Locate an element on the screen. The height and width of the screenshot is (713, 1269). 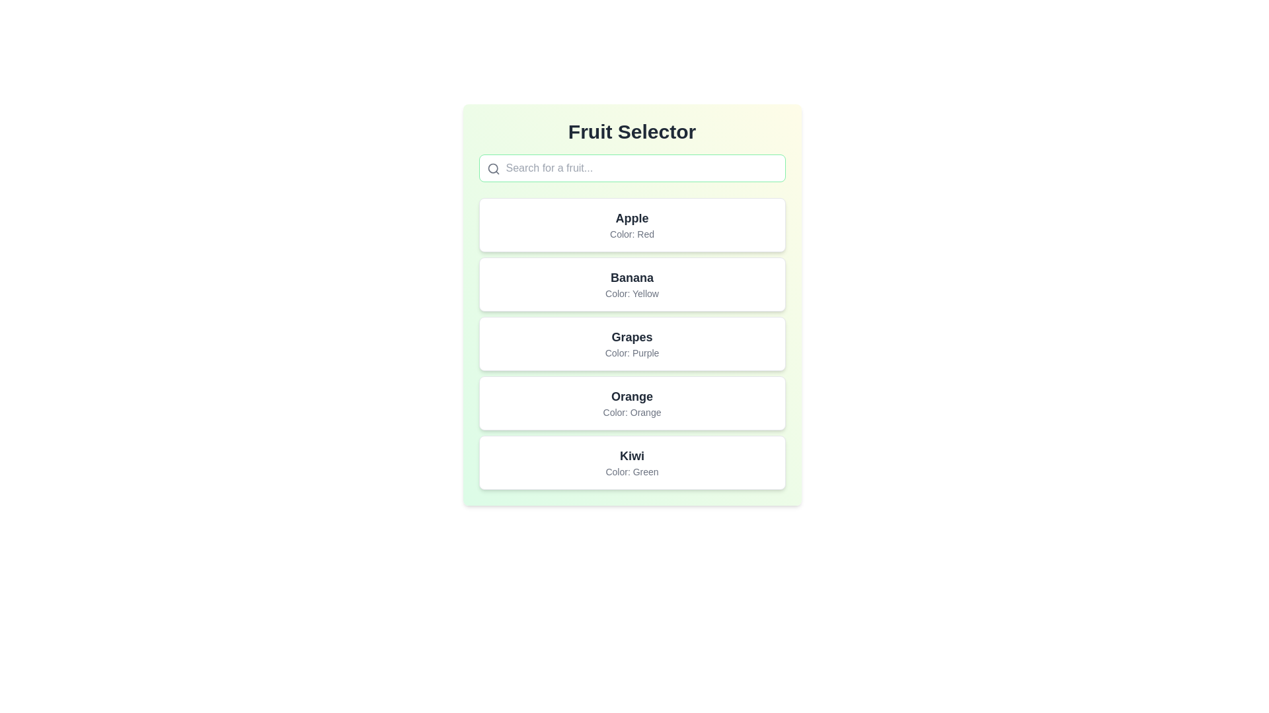
and interpret the content of the text label 'Color: Red' which is styled in a smaller gray font and located directly below the title 'Apple' in the fruit description list is located at coordinates (631, 233).